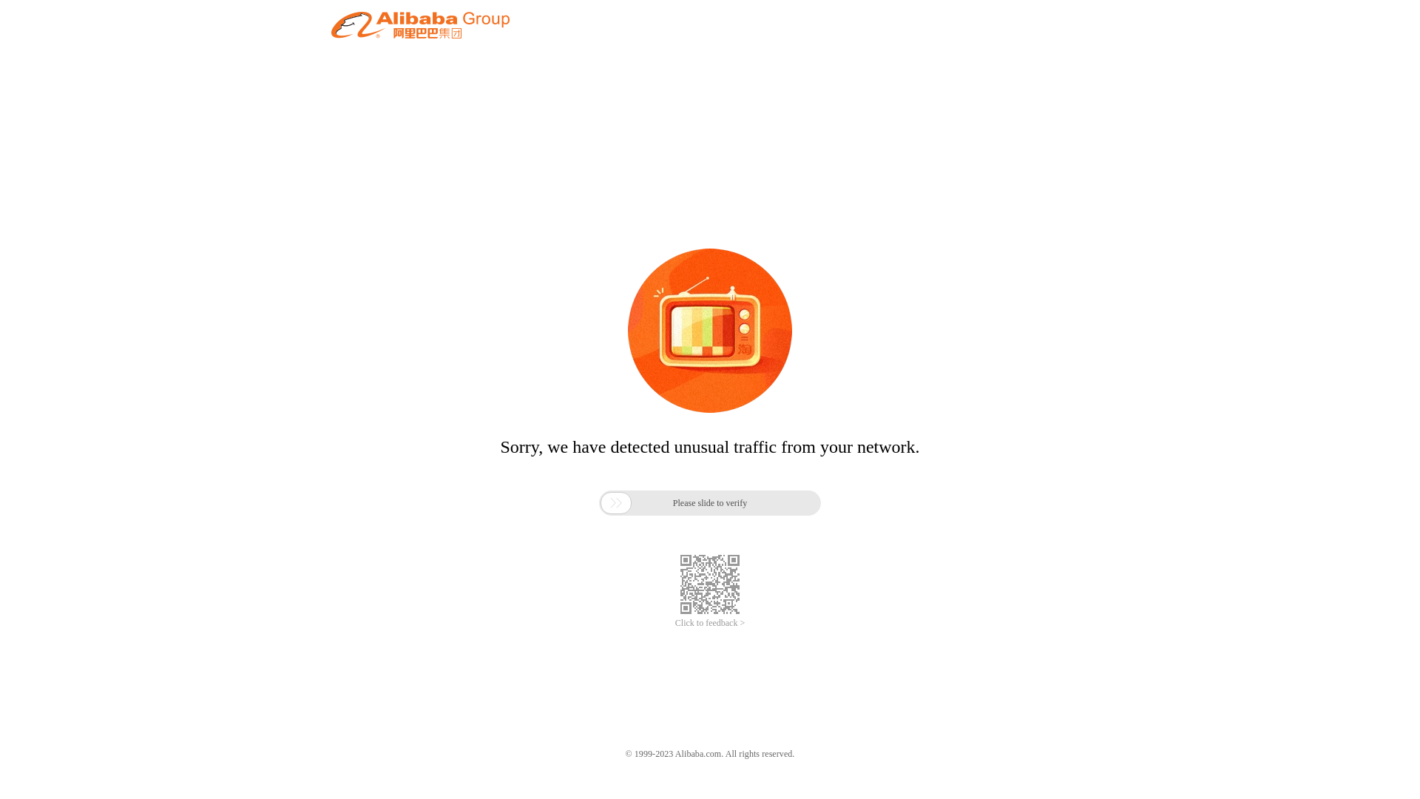 This screenshot has height=799, width=1420. What do you see at coordinates (710, 623) in the screenshot?
I see `'Click to feedback >'` at bounding box center [710, 623].